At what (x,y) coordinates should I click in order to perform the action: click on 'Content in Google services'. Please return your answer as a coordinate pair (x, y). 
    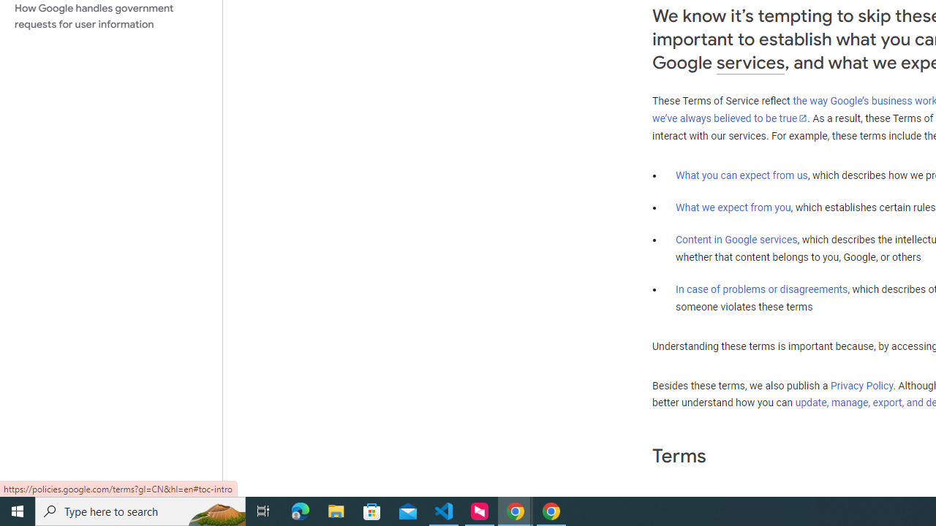
    Looking at the image, I should click on (736, 238).